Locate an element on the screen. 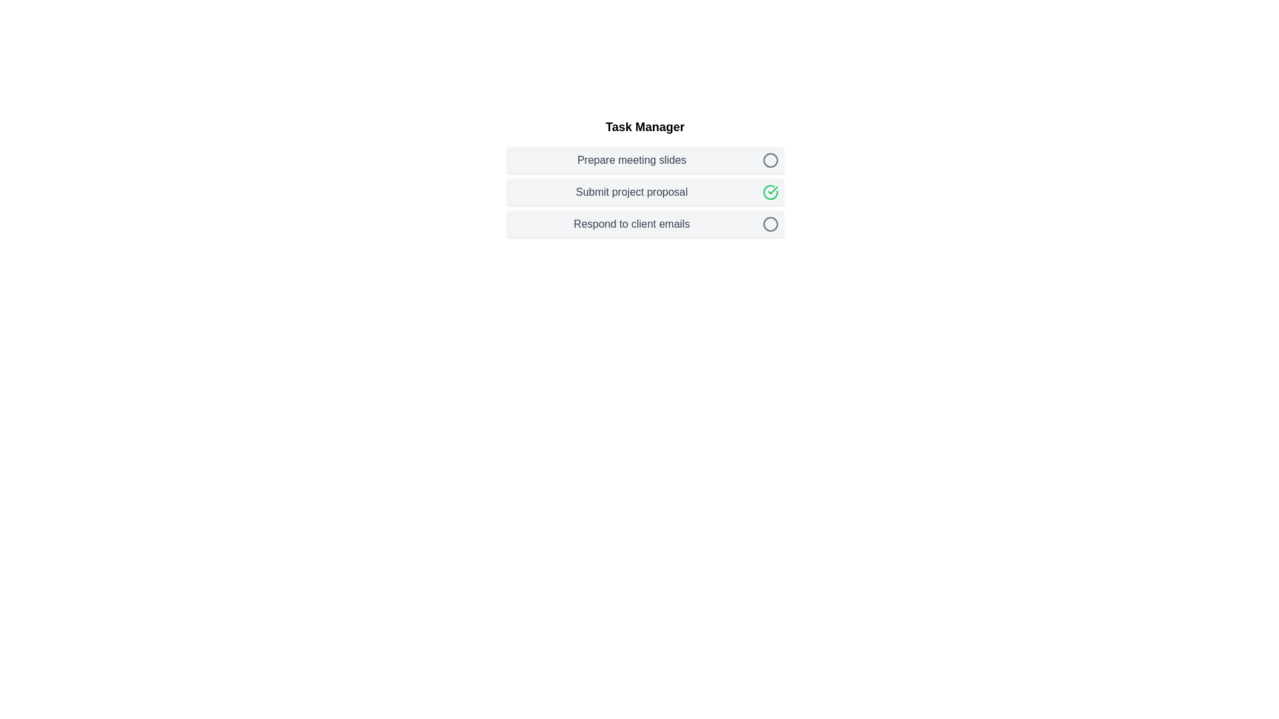 This screenshot has height=719, width=1279. the task entry labeled 'Respond to client emails' is located at coordinates (645, 223).